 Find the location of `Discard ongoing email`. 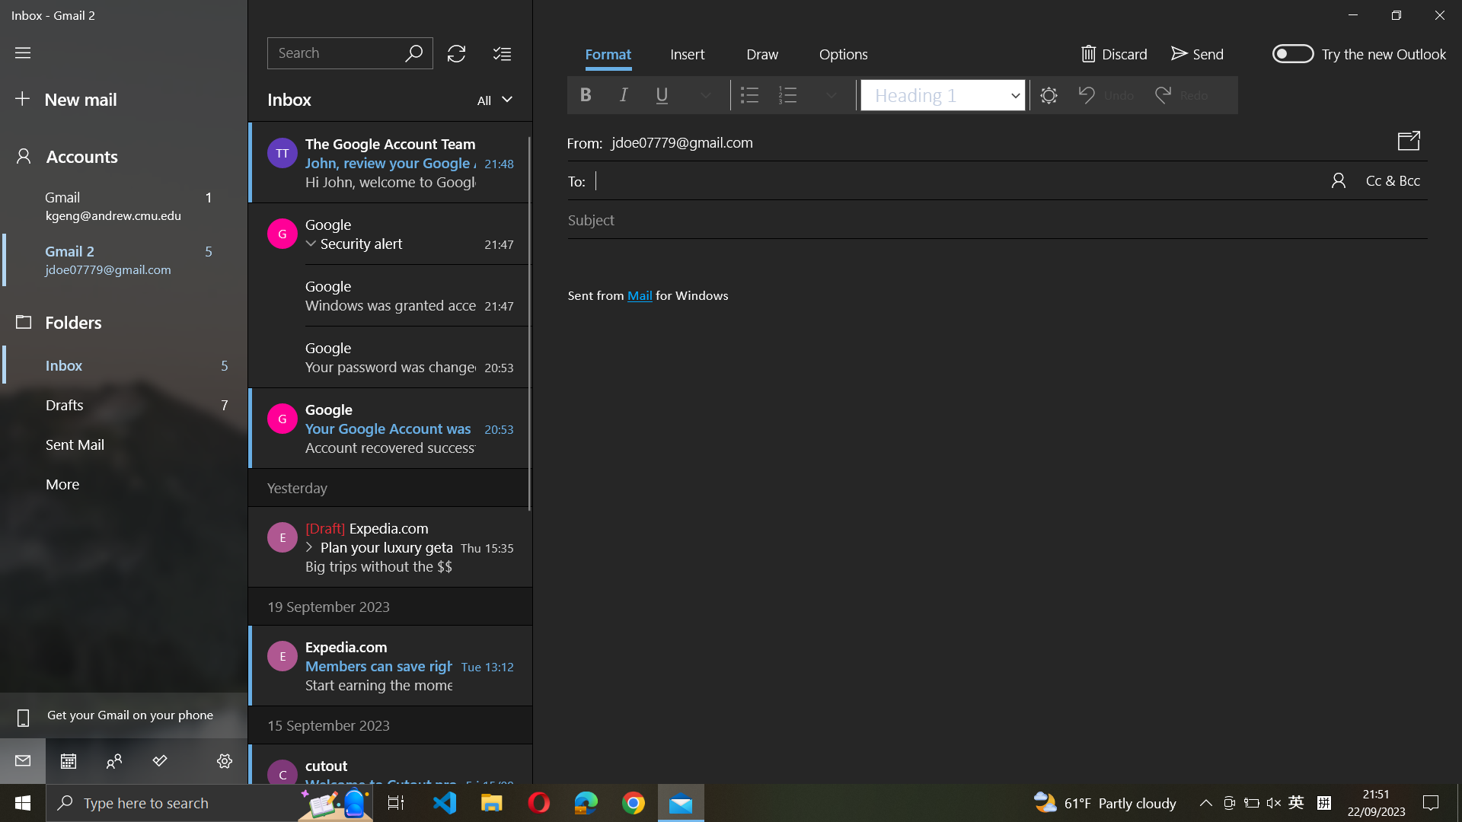

Discard ongoing email is located at coordinates (1113, 51).